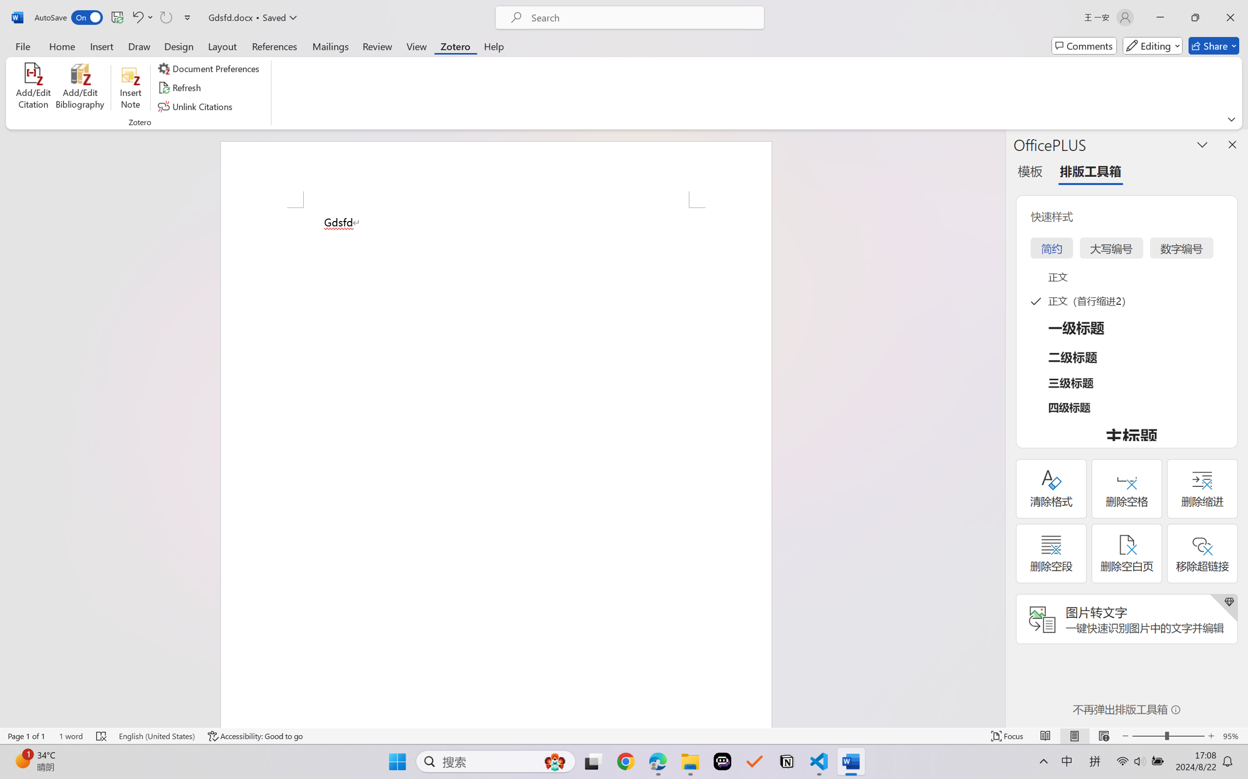 This screenshot has height=779, width=1248. I want to click on 'Insert Note', so click(130, 88).